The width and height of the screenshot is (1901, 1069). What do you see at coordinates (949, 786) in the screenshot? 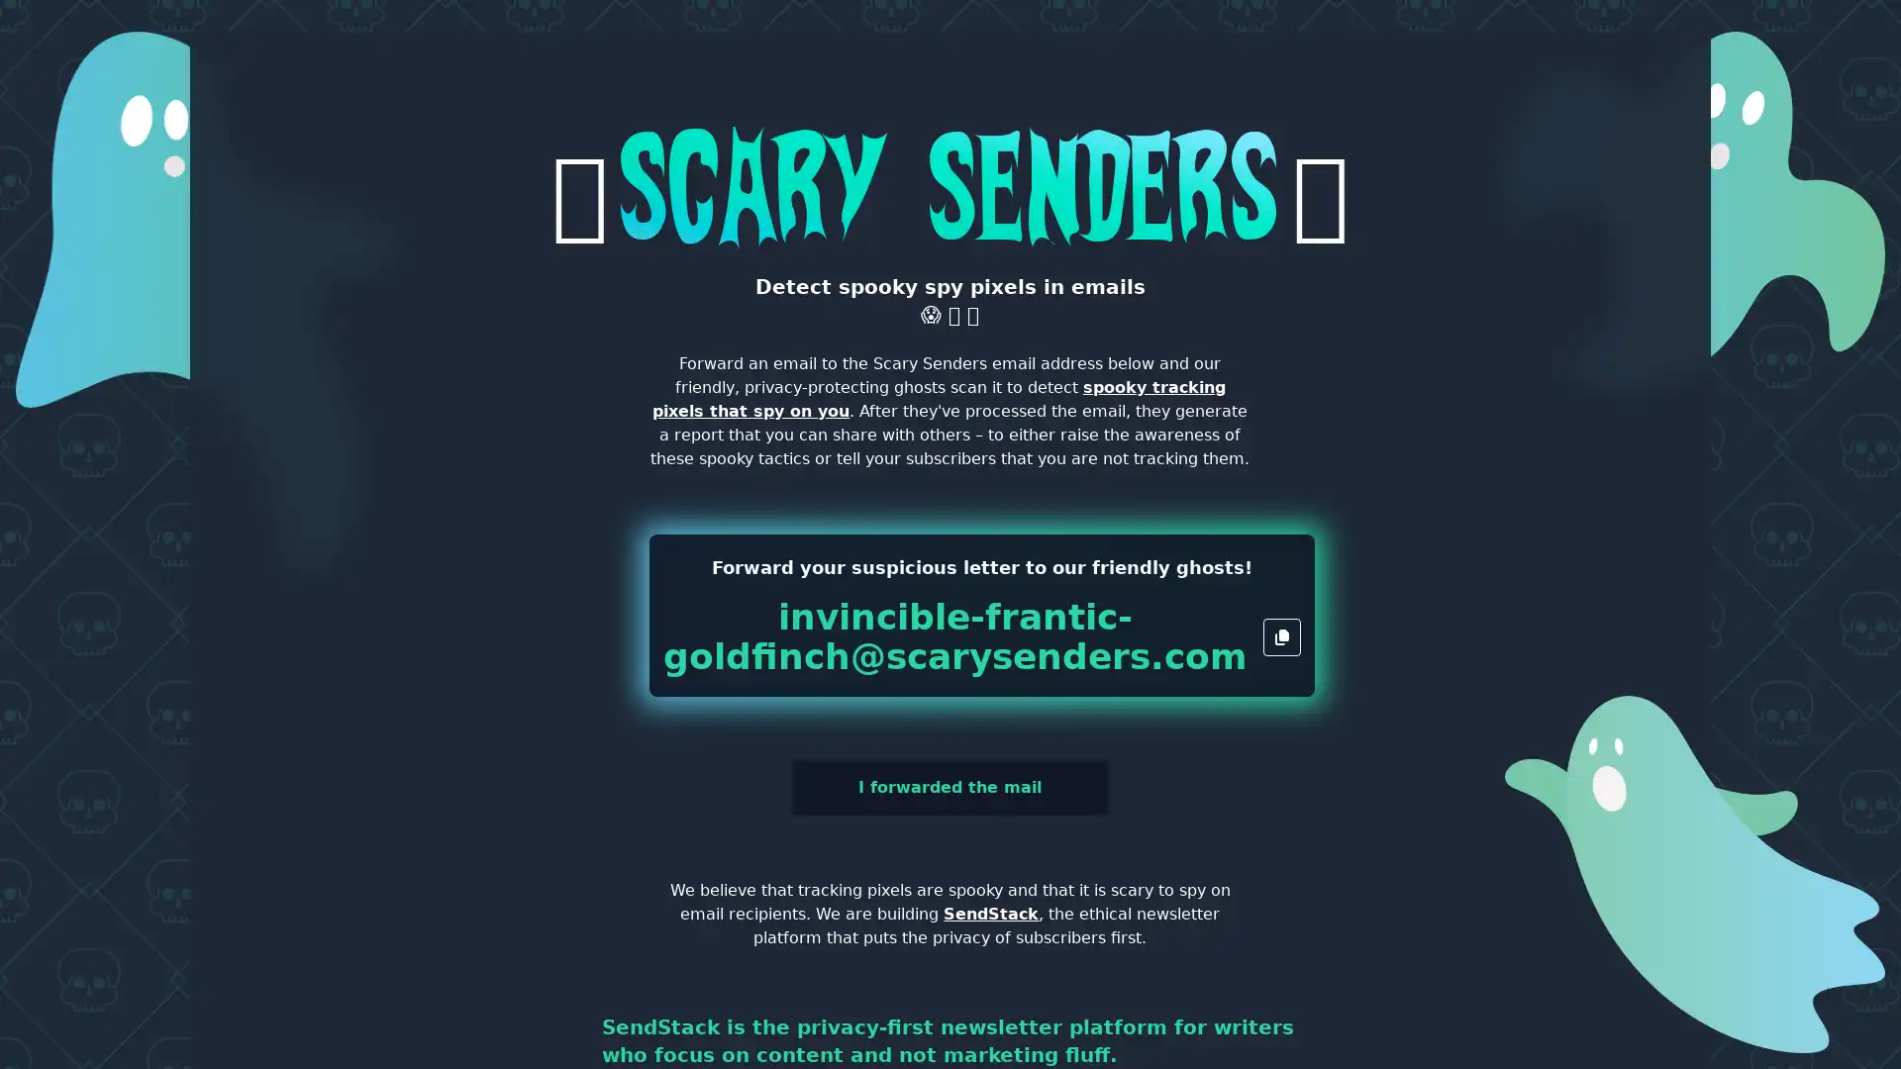
I see `I forwarded the mail` at bounding box center [949, 786].